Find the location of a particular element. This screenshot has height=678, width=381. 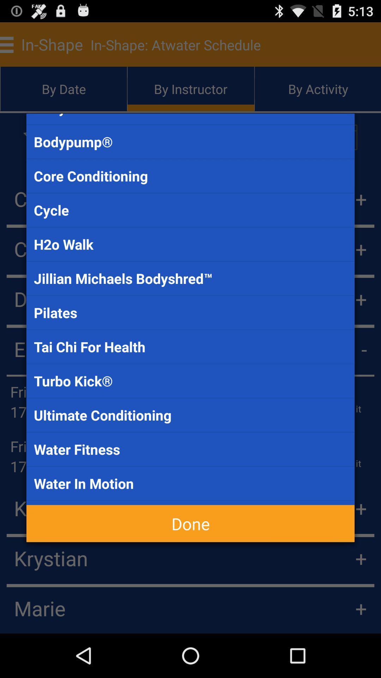

the ultimate conditioning app is located at coordinates (190, 415).